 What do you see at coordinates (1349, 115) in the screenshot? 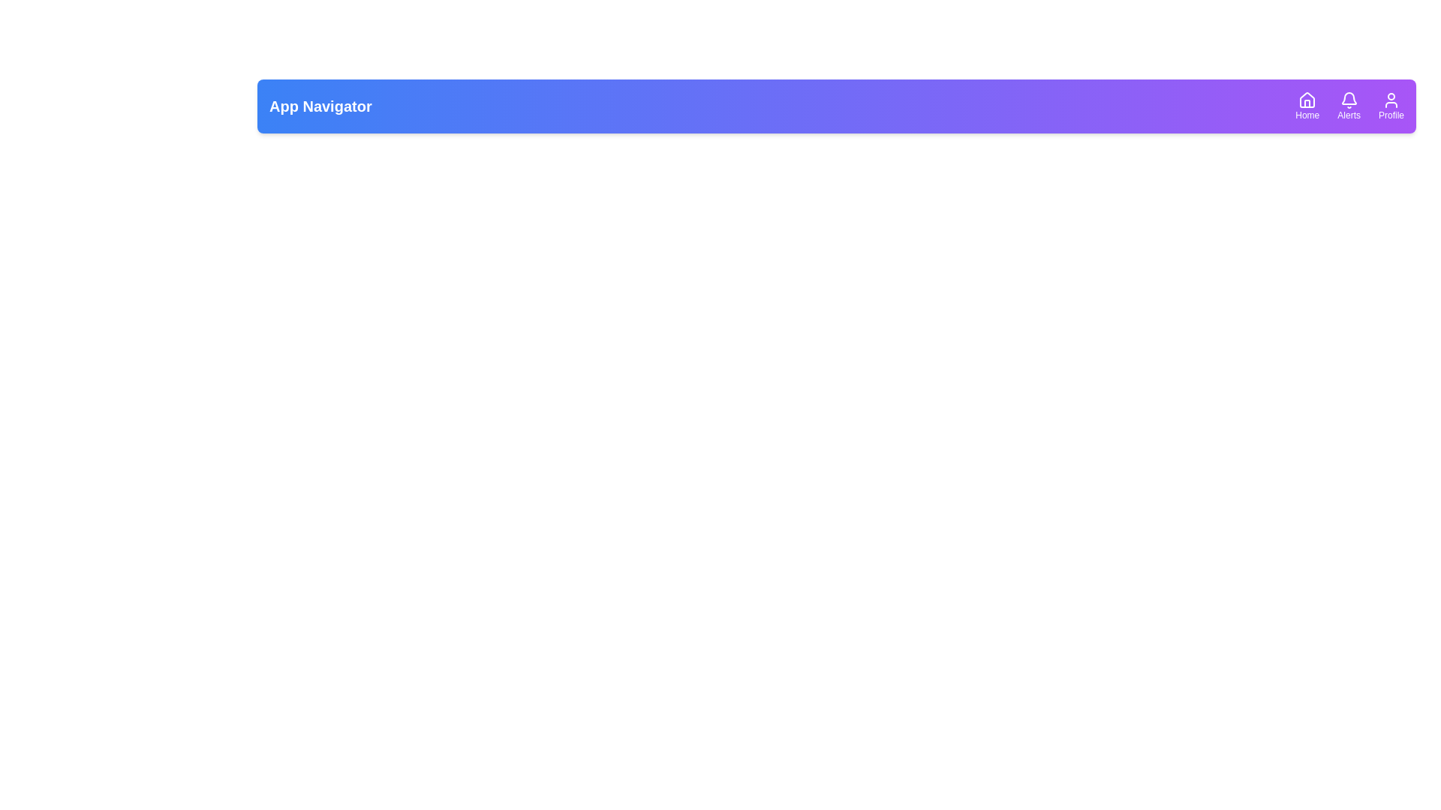
I see `text of the 'Alerts' label, which is styled with a small font size and is white against a gradient purple background, located in the navigation bar between the 'Home' and 'Profile' label groups` at bounding box center [1349, 115].